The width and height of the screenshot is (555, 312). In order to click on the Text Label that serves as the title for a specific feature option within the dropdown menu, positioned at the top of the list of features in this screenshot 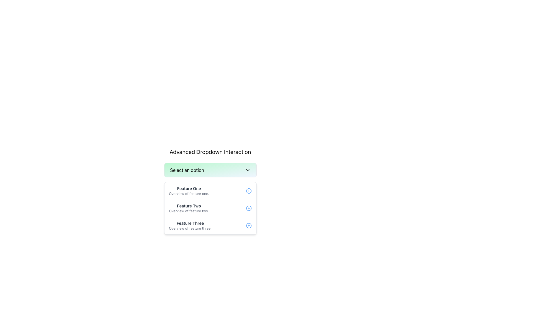, I will do `click(189, 188)`.